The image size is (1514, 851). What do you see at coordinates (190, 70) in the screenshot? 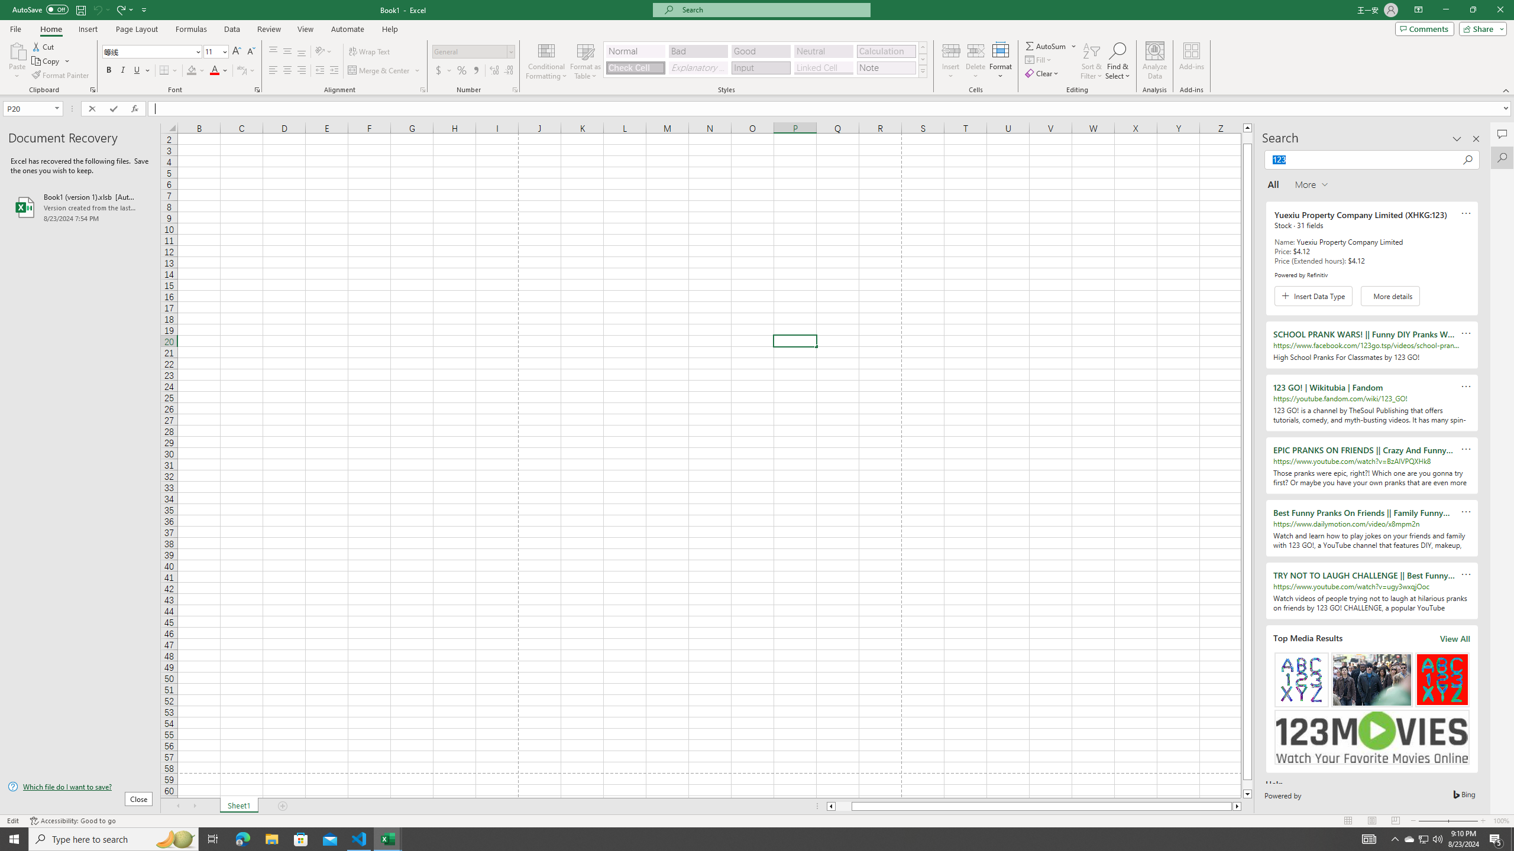
I see `'Fill Color RGB(255, 255, 0)'` at bounding box center [190, 70].